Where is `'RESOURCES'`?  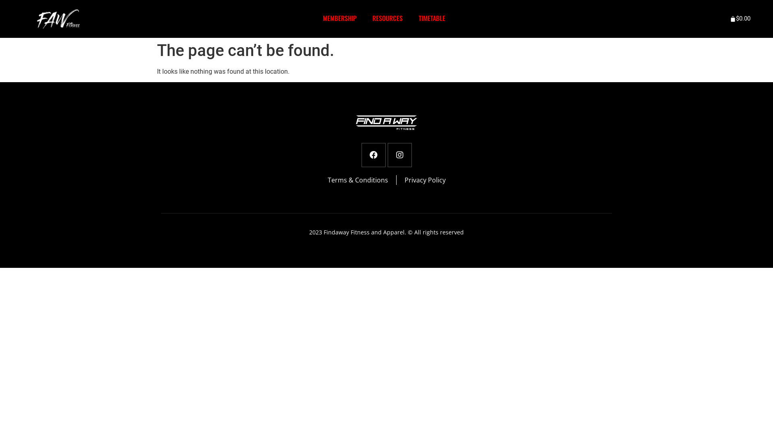 'RESOURCES' is located at coordinates (364, 18).